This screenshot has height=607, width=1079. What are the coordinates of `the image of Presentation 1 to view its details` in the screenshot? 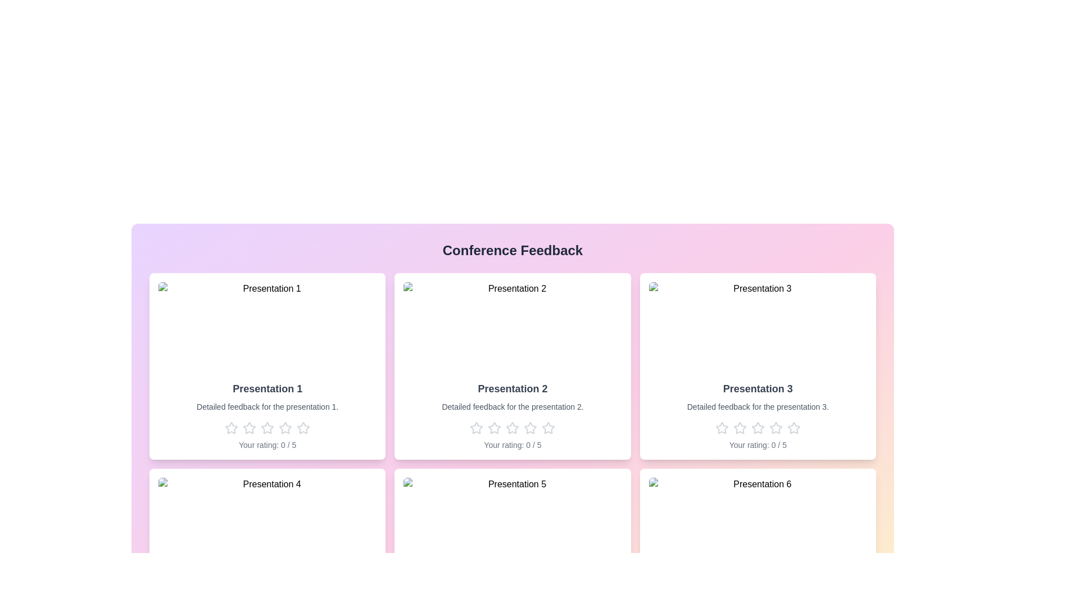 It's located at (266, 327).